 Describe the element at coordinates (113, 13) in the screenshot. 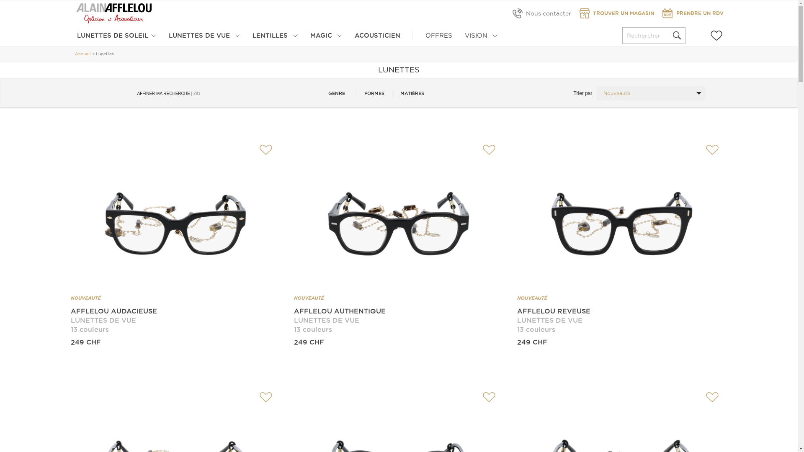

I see `'Afflelou'` at that location.